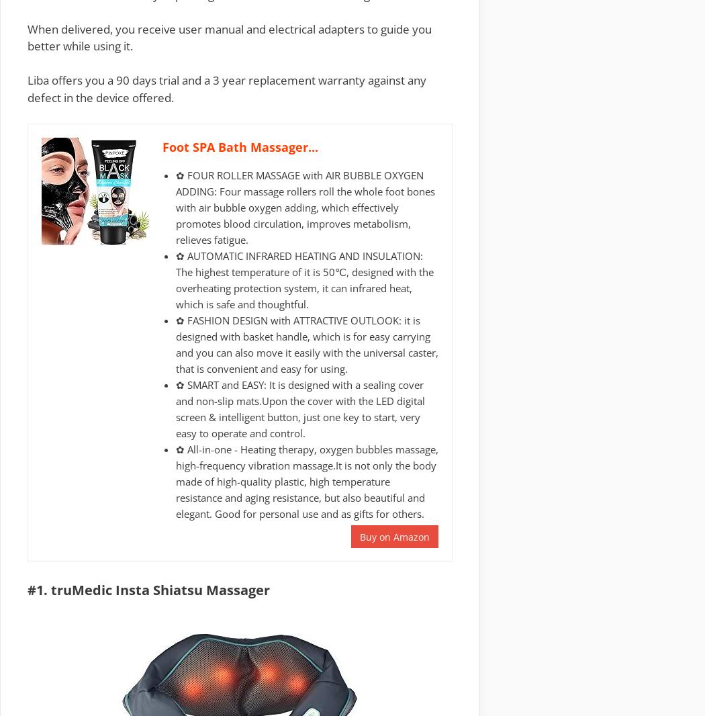 The width and height of the screenshot is (705, 716). I want to click on '✿ SMART and EASY: It is designed with a sealing cover and non-slip mats.Upon the cover with the LED digital screen & intelligent button, just one key to start, very easy to operate and control.', so click(299, 408).